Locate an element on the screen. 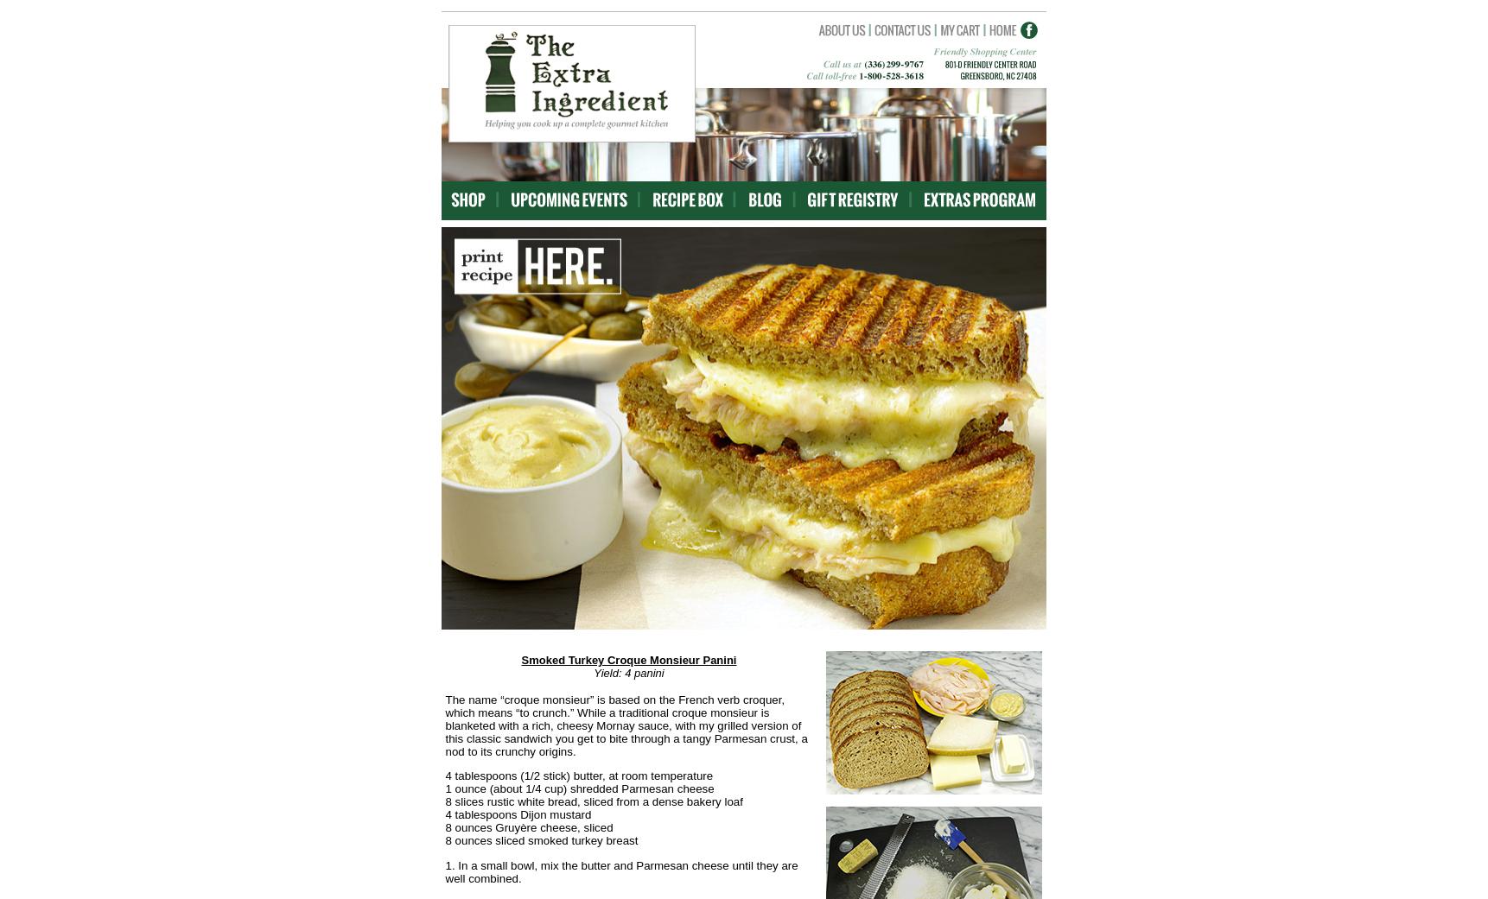 This screenshot has width=1488, height=899. '8 ounces Gruyère cheese, sliced' is located at coordinates (527, 827).